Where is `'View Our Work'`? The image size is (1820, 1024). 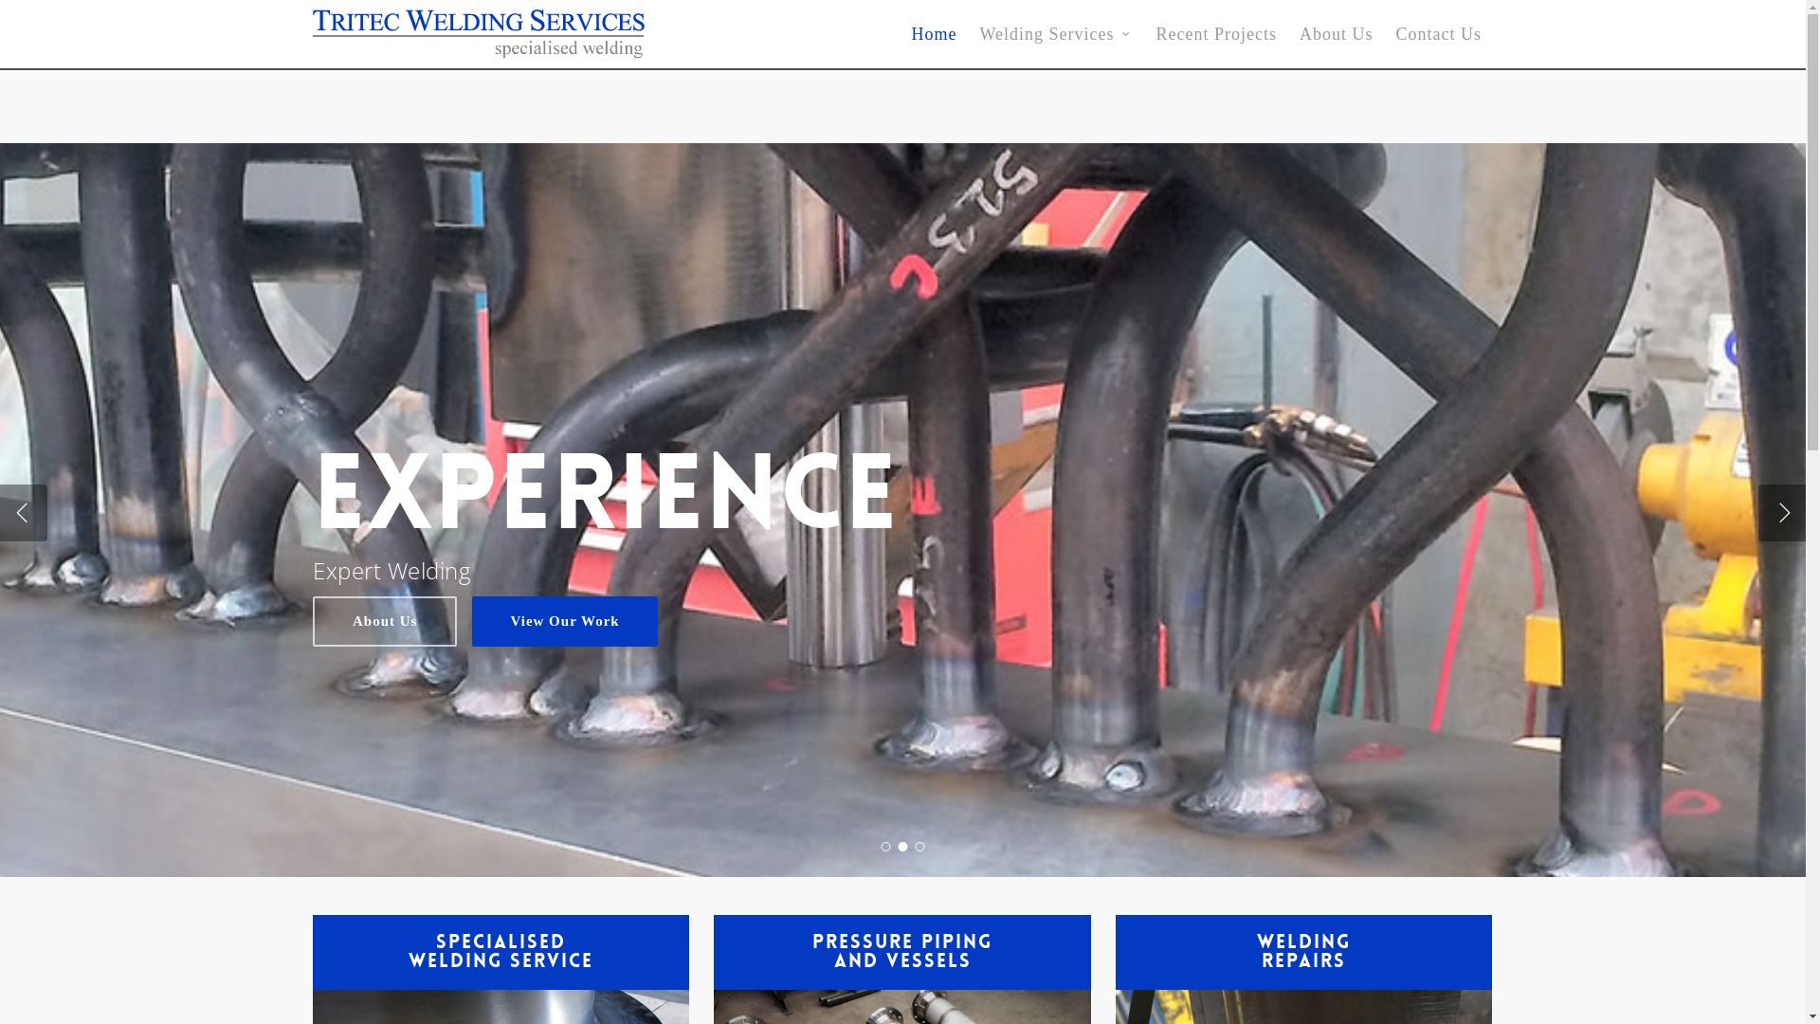 'View Our Work' is located at coordinates (563, 621).